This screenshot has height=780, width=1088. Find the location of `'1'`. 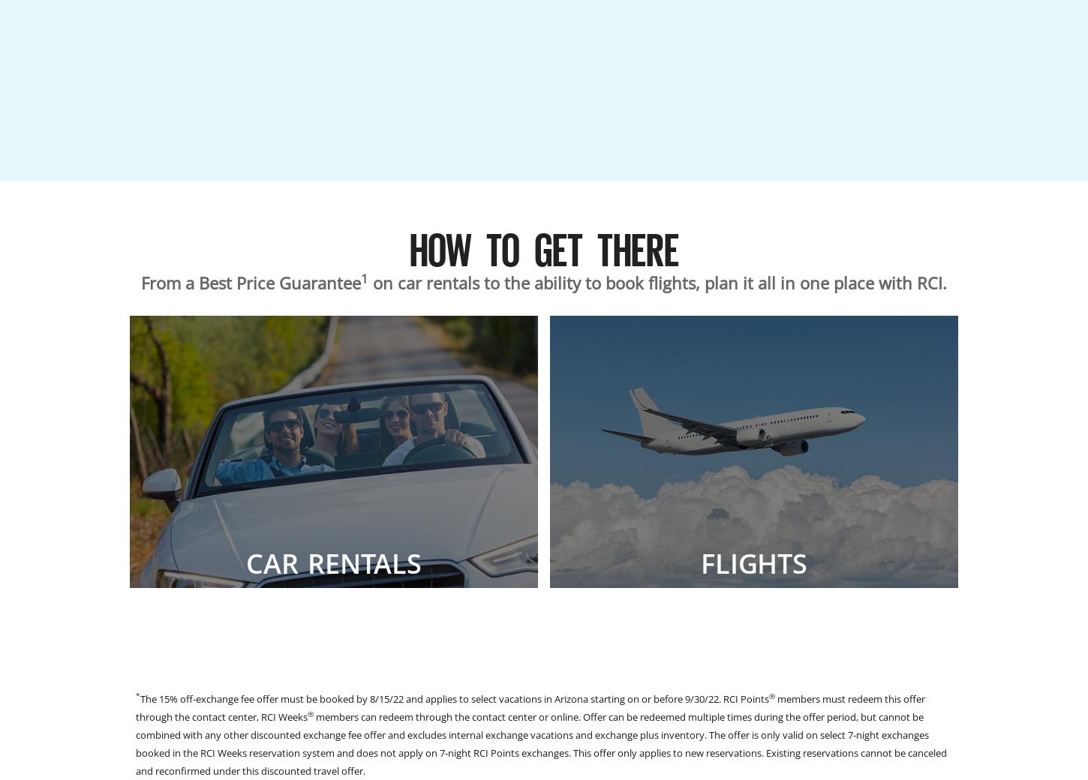

'1' is located at coordinates (365, 277).